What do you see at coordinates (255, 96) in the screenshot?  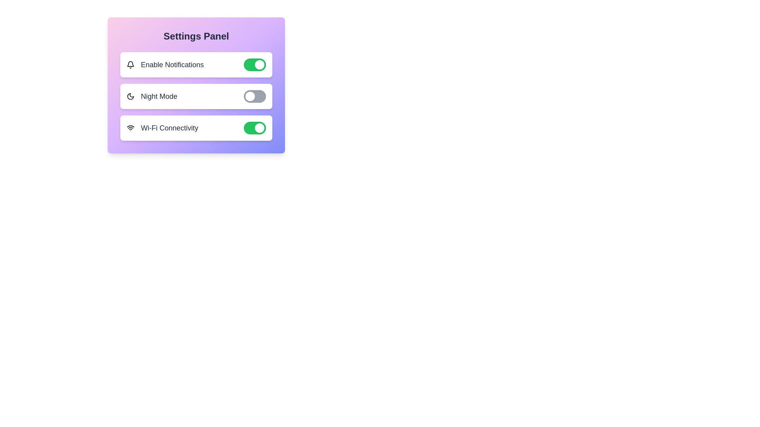 I see `the 'Night Mode' switch to toggle its state` at bounding box center [255, 96].